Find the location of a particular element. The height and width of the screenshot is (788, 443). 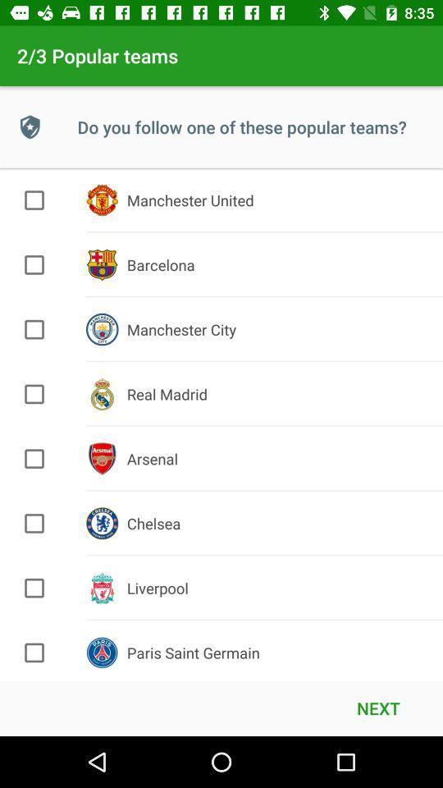

manchester united is located at coordinates (34, 199).